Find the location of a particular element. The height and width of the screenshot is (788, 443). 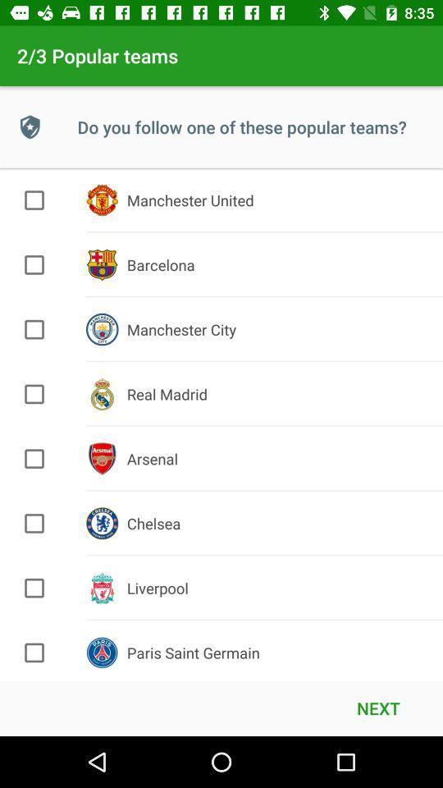

manchester united is located at coordinates (34, 199).